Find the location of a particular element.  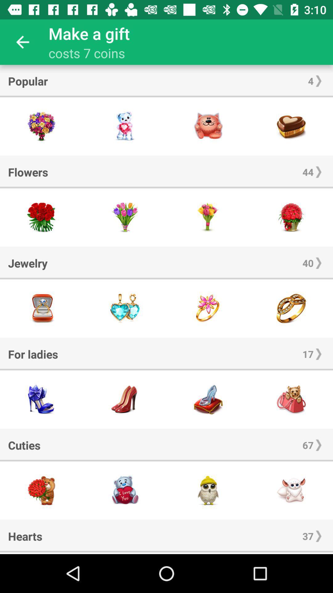

item to the right of the flowers is located at coordinates (308, 172).